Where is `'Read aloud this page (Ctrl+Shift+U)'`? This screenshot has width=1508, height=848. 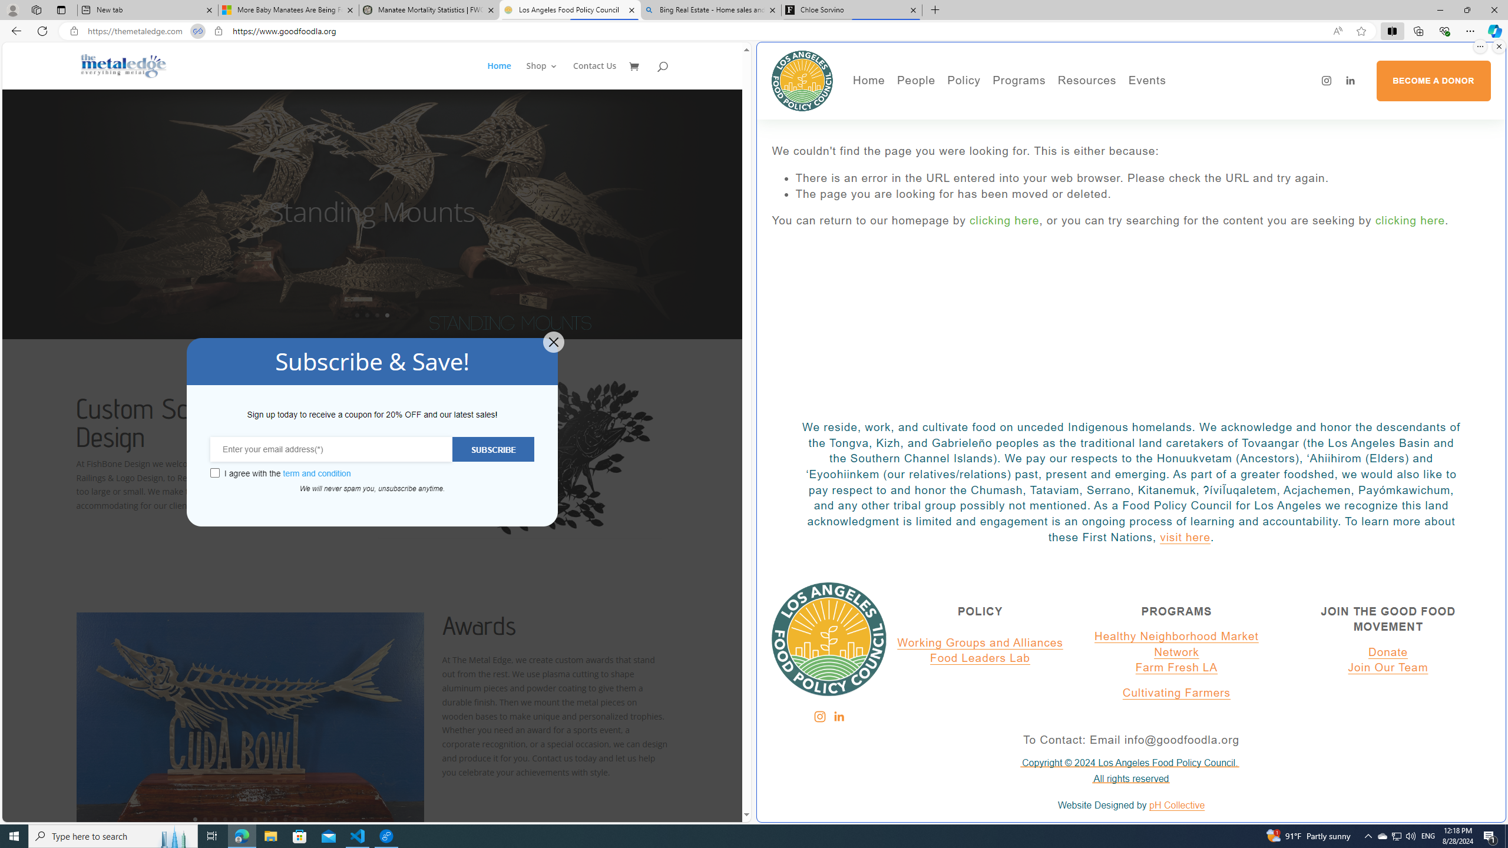 'Read aloud this page (Ctrl+Shift+U)' is located at coordinates (1337, 31).